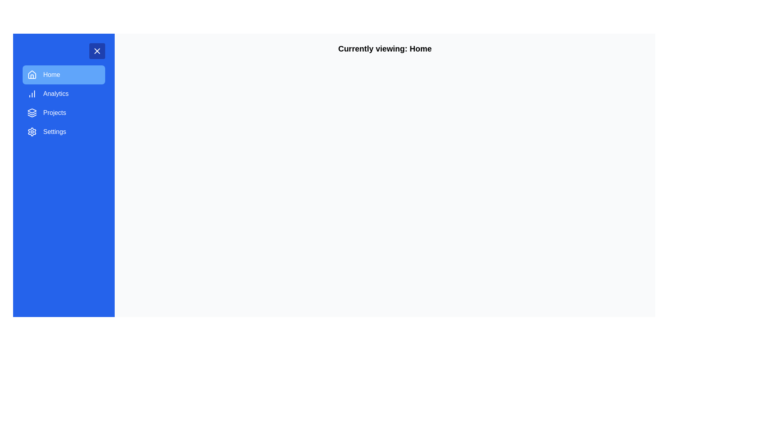  I want to click on the cogwheel icon in the left sidebar, located under the 'Settings' label, which is used for settings adjustments, so click(32, 131).